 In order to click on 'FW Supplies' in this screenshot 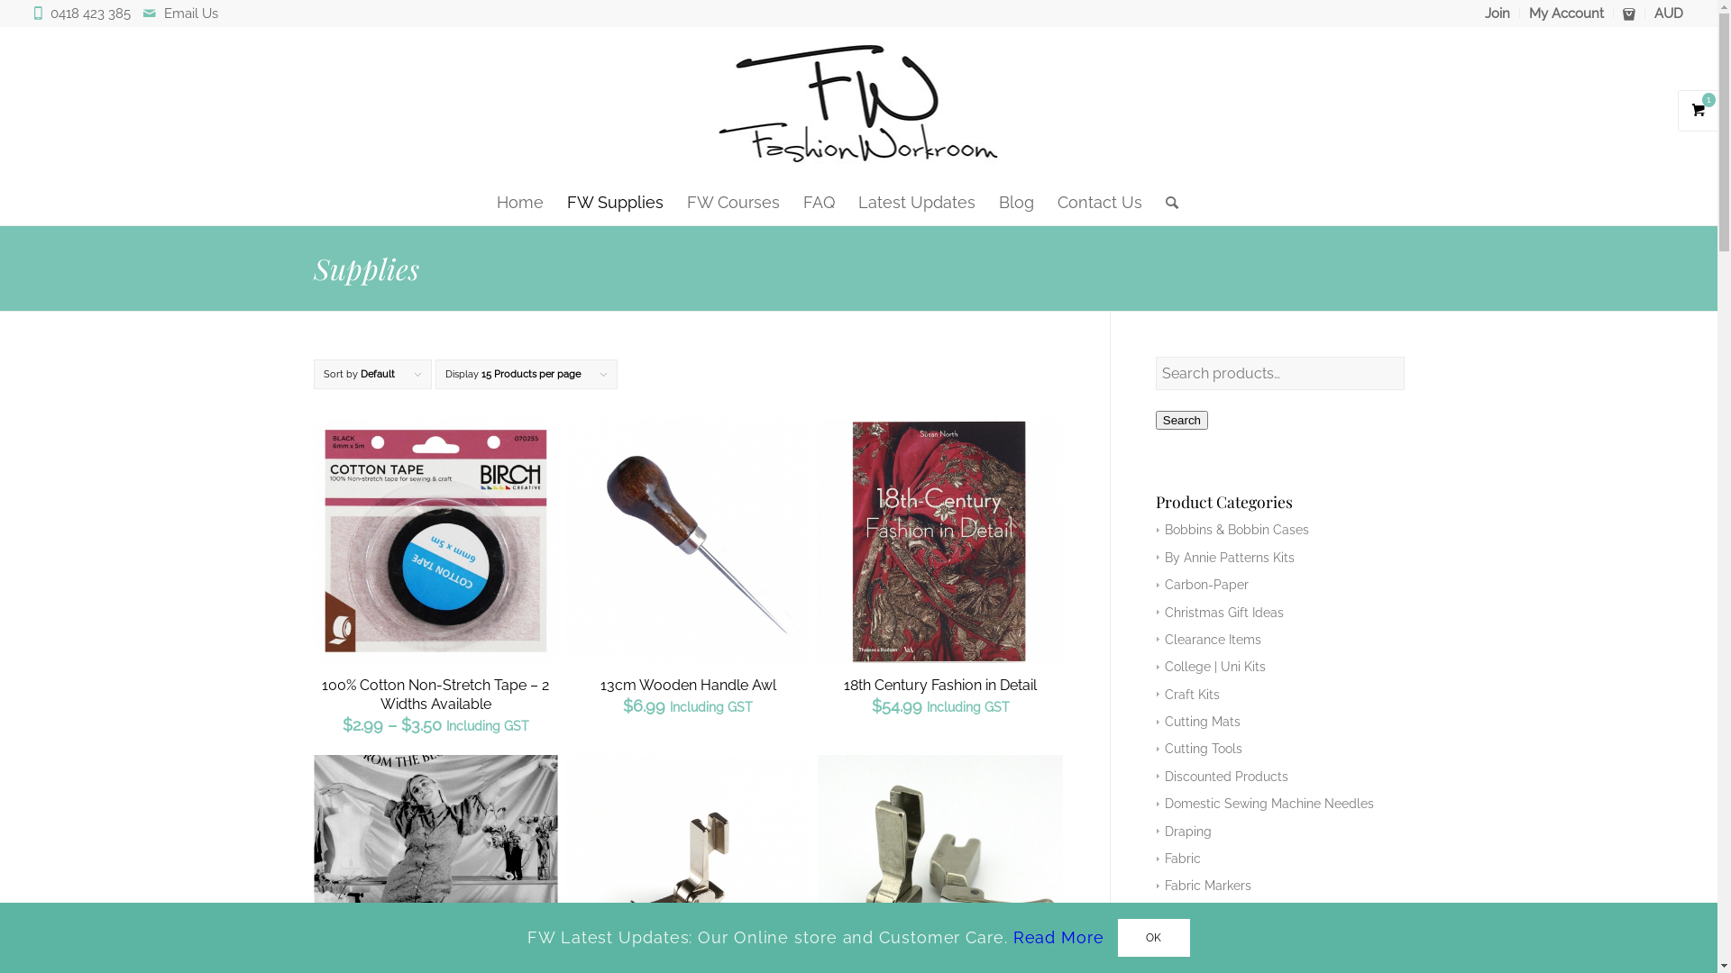, I will do `click(615, 202)`.